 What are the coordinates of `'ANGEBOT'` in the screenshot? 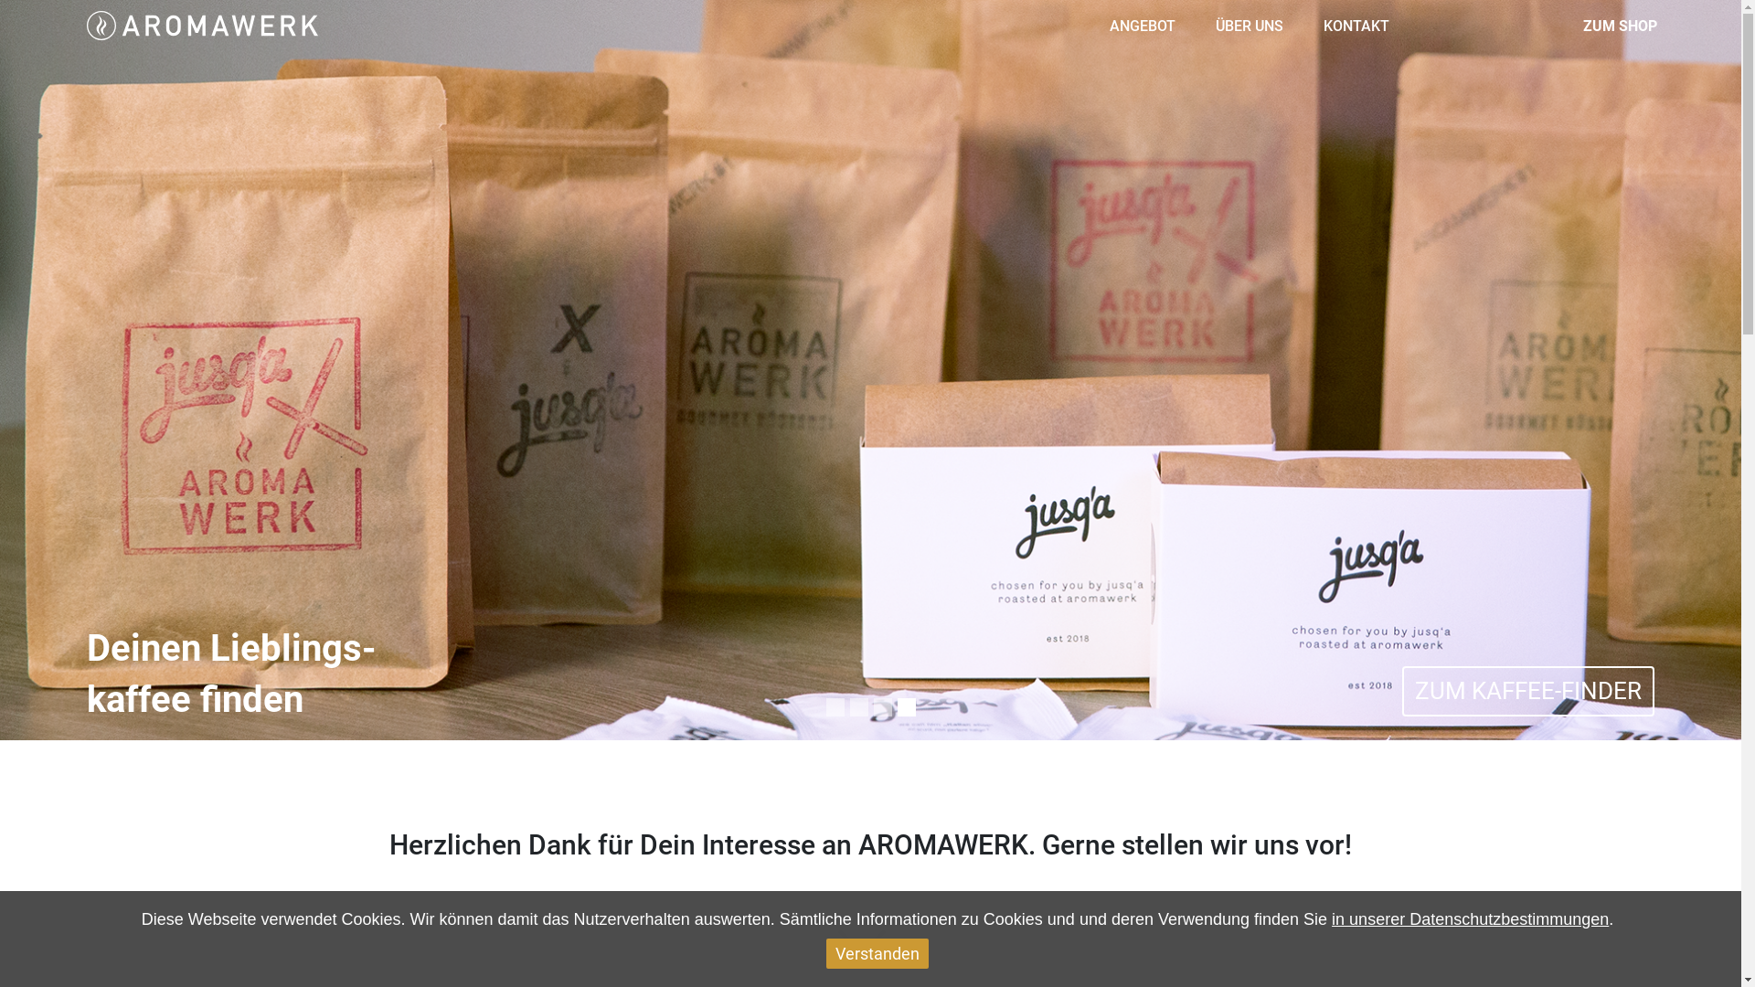 It's located at (1143, 26).